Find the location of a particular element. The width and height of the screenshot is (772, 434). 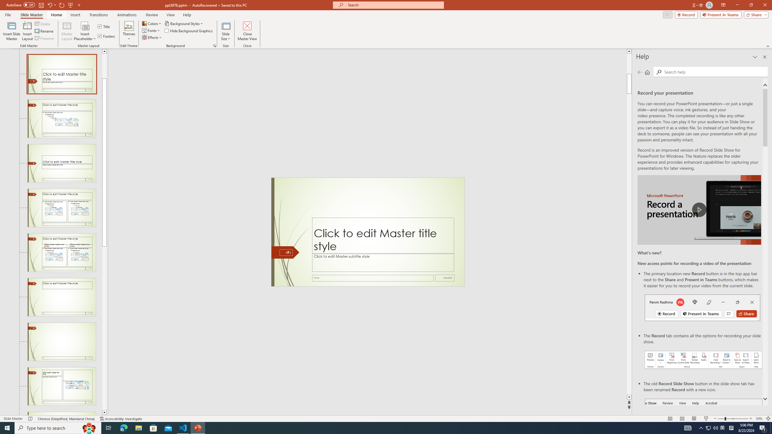

'Slide Number' is located at coordinates (286, 253).